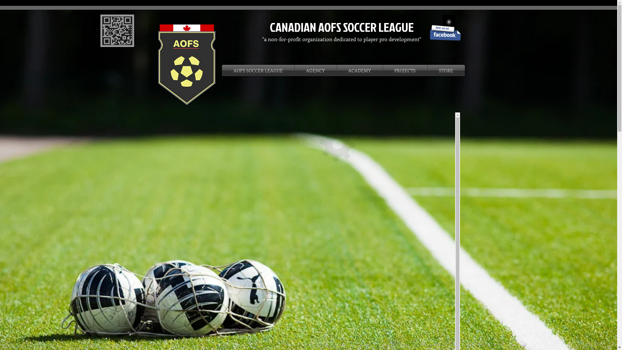 The width and height of the screenshot is (622, 350). Describe the element at coordinates (444, 32) in the screenshot. I see `'facebook.png'` at that location.